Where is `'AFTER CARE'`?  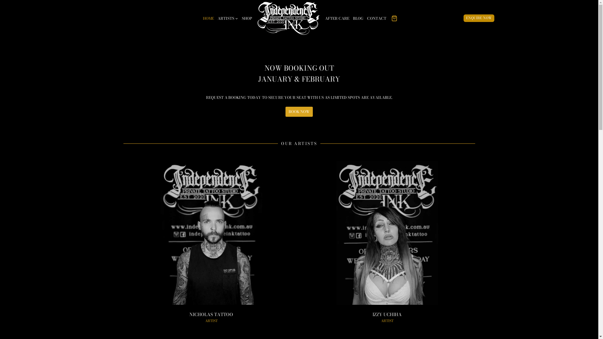
'AFTER CARE' is located at coordinates (337, 18).